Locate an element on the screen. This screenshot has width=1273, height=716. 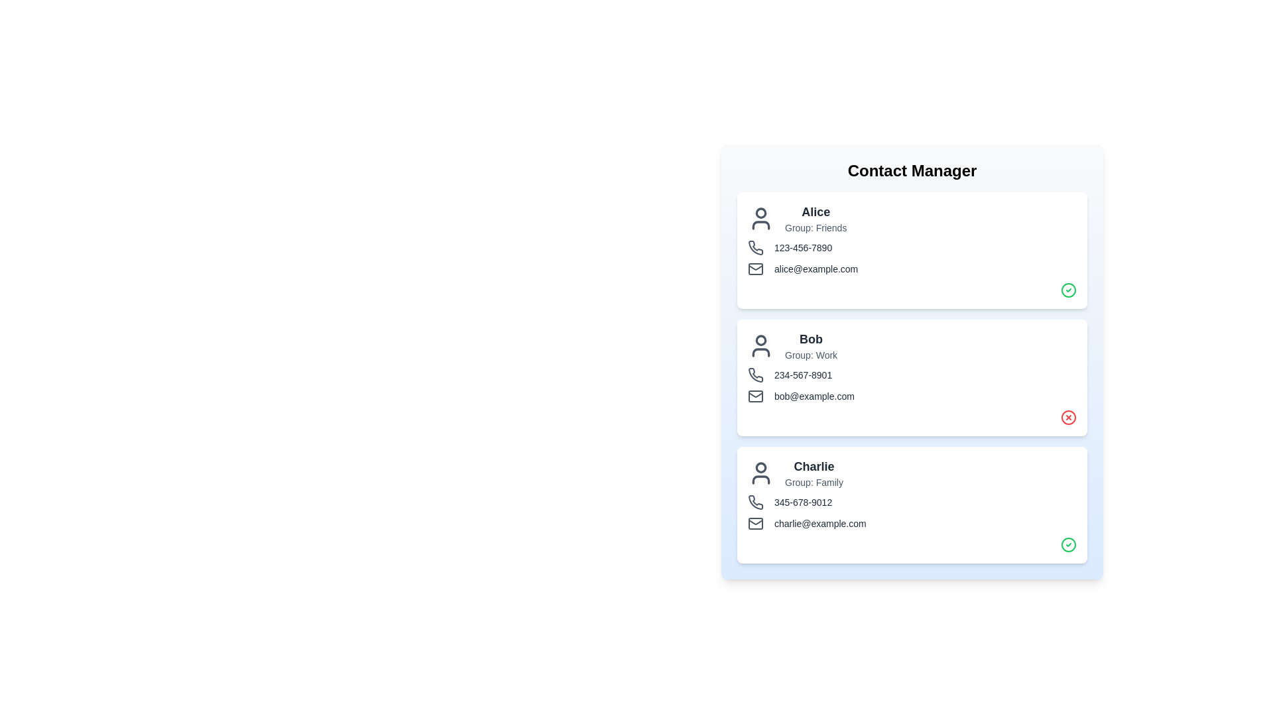
the contact card to view its details is located at coordinates (912, 251).